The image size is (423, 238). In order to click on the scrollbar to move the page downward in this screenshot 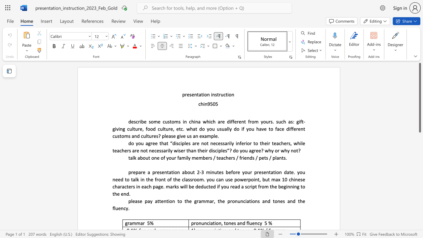, I will do `click(419, 145)`.